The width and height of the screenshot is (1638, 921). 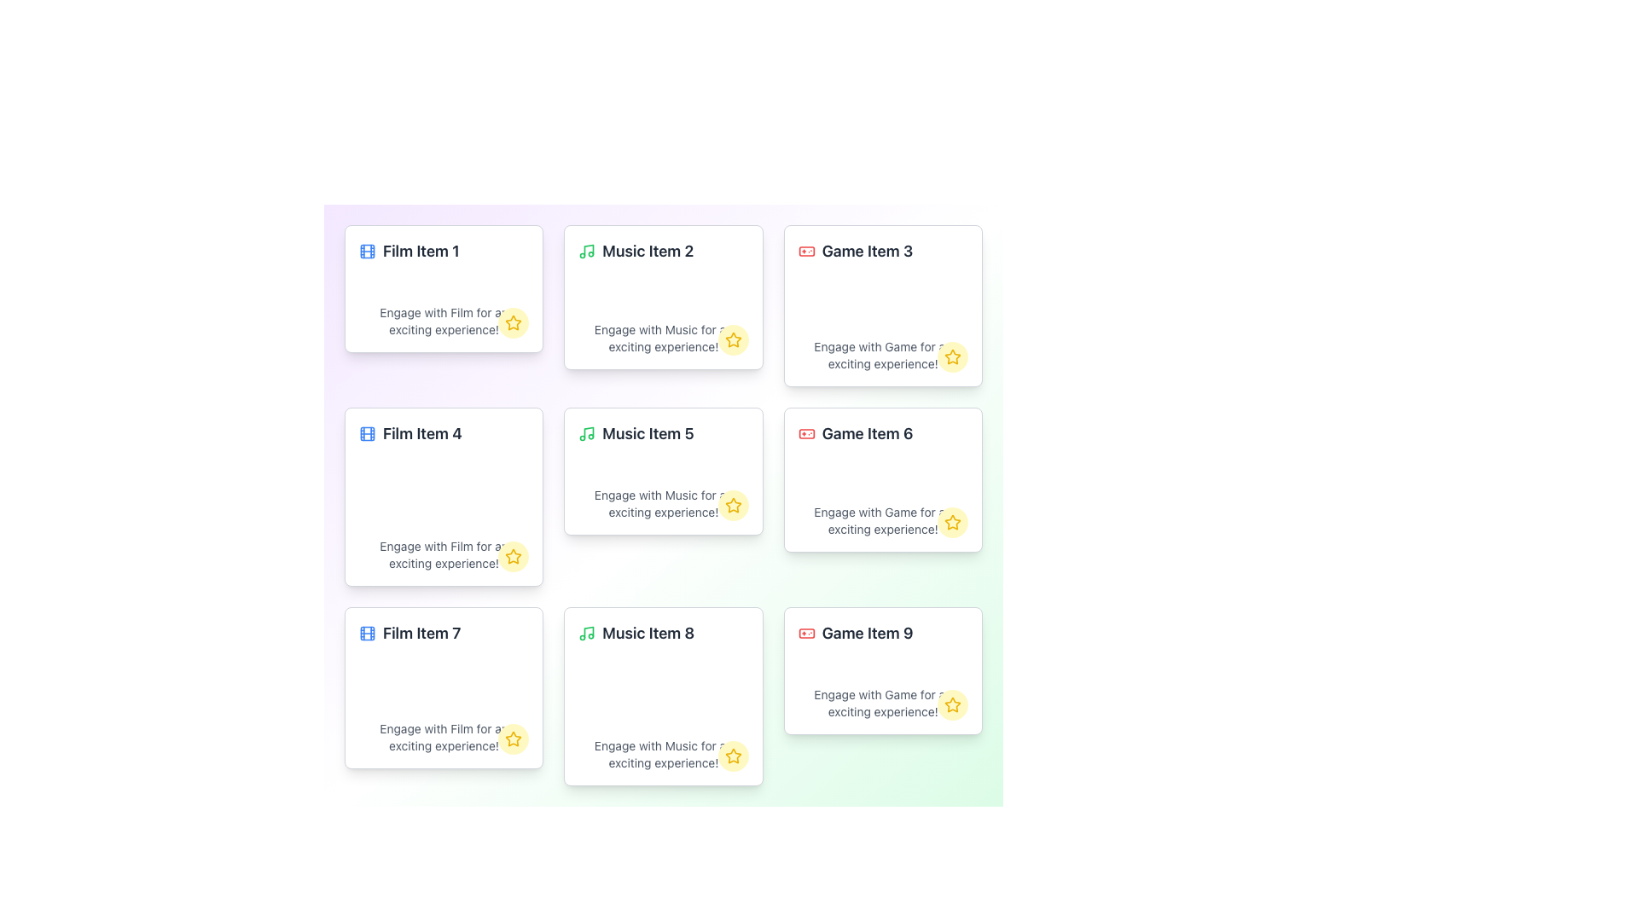 What do you see at coordinates (513, 738) in the screenshot?
I see `the yellow star-shaped icon located in the bottom-right corner of the tile labeled 'Film Item 7'` at bounding box center [513, 738].